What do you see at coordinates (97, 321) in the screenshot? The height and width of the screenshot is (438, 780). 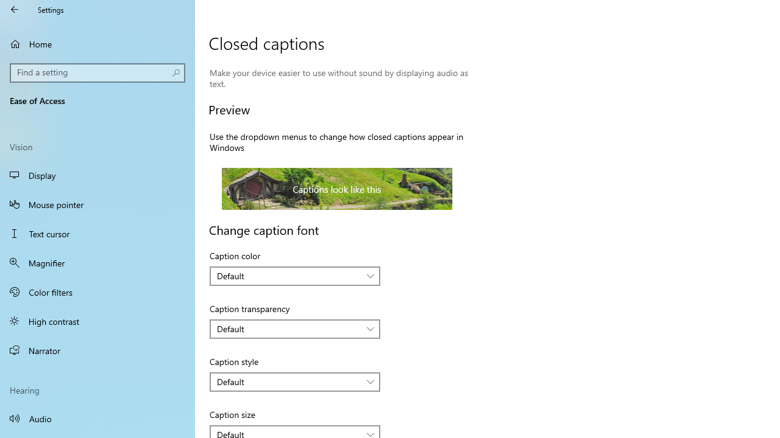 I see `'High contrast'` at bounding box center [97, 321].